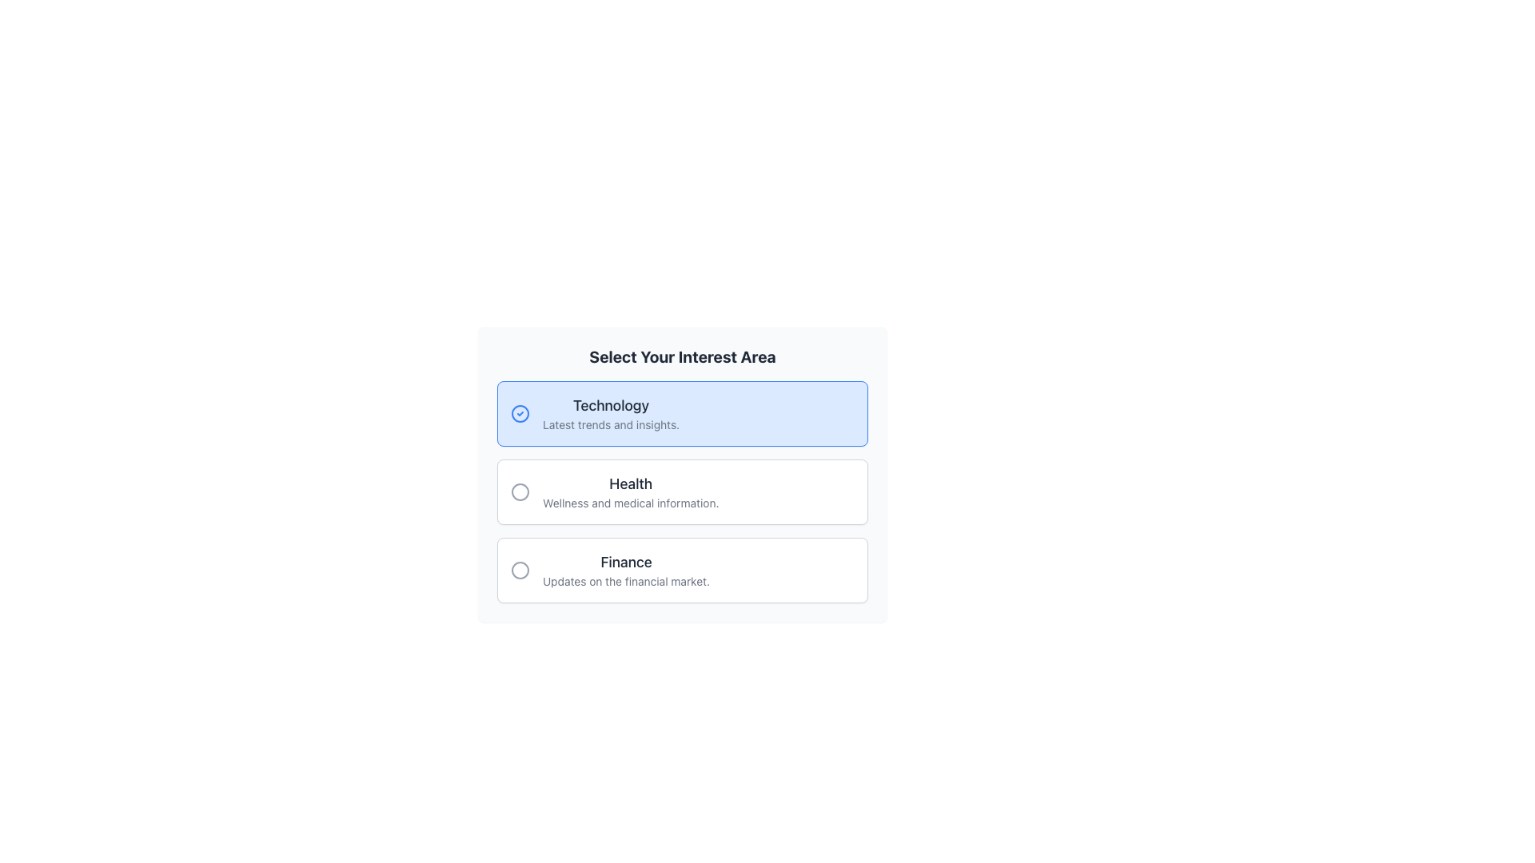  Describe the element at coordinates (630, 491) in the screenshot. I see `the 'Health' category text block, which is centrally located in the second card of selectable options, positioned below 'Technology' and above 'Finance'` at that location.